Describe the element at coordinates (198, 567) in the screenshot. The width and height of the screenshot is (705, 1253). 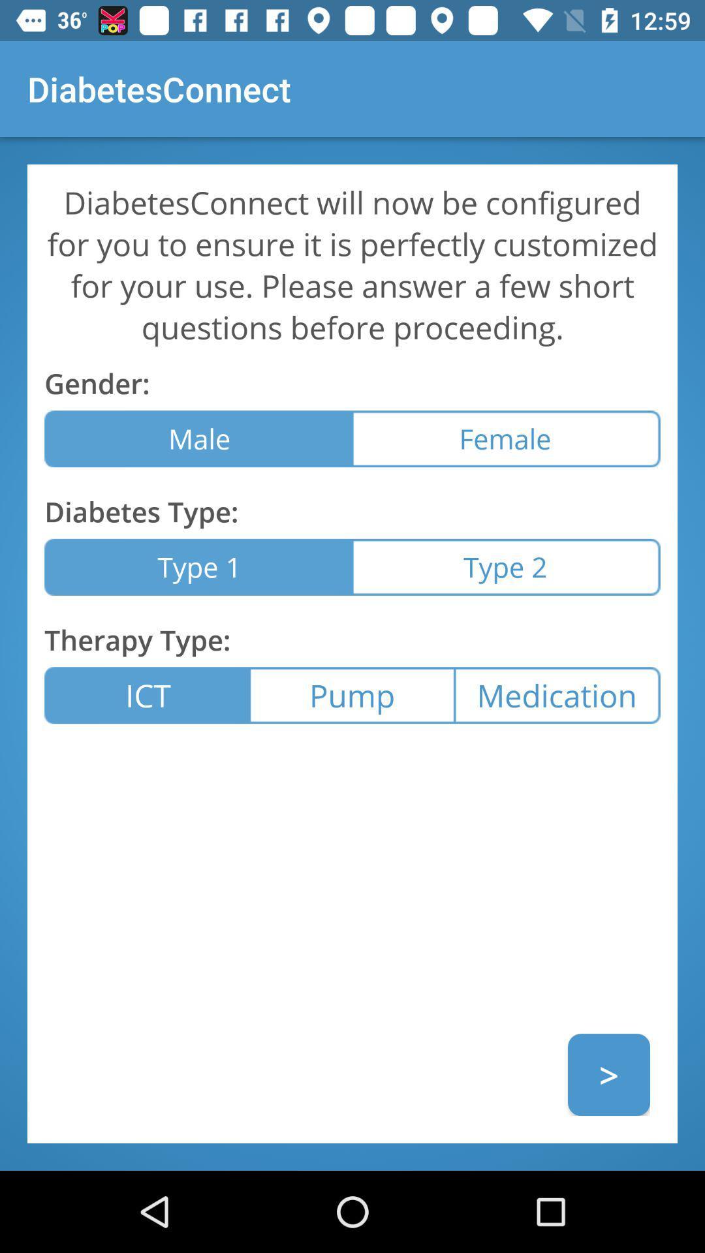
I see `item below the diabetes type: item` at that location.